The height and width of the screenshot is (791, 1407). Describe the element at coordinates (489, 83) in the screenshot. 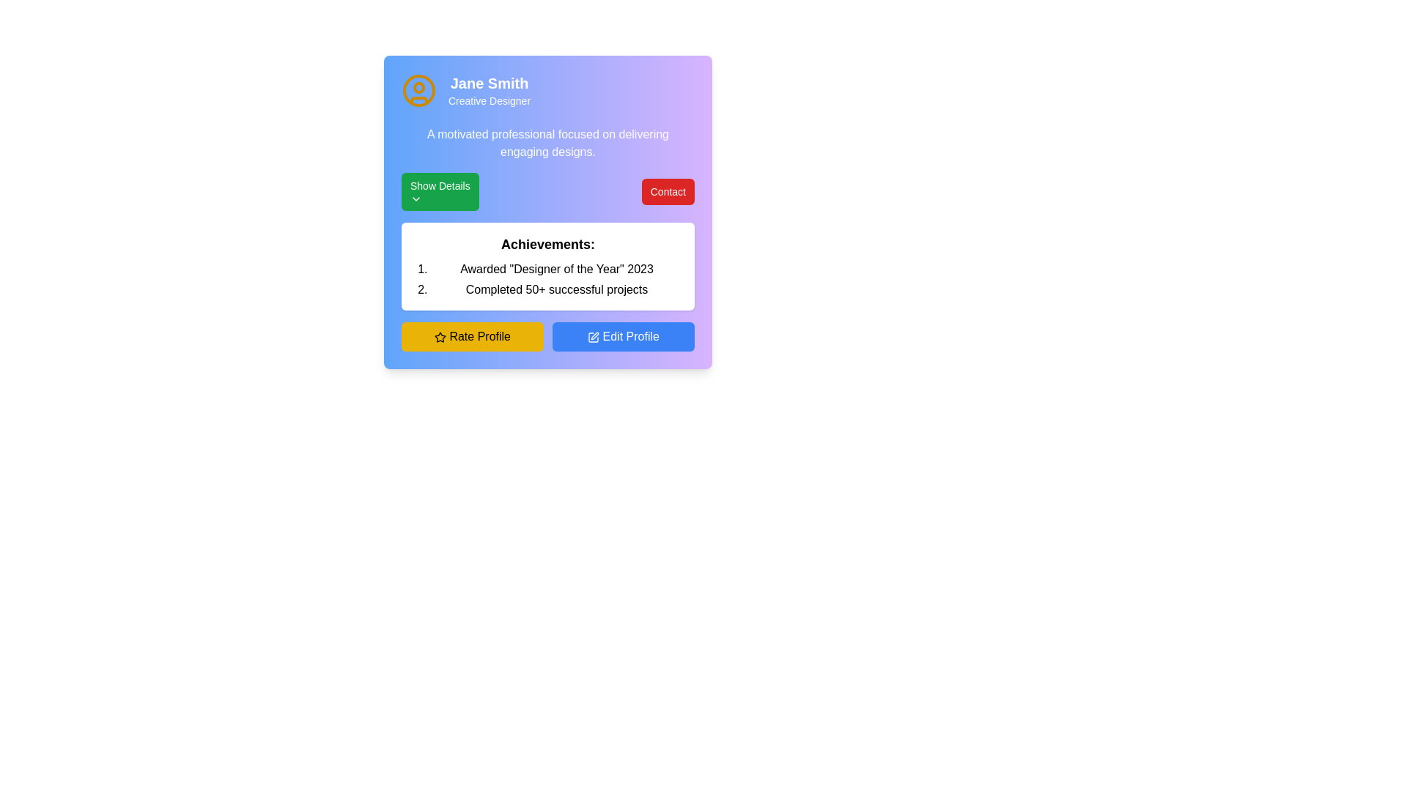

I see `the text label displaying 'Jane Smith' located in the header section of the profile card to read the text` at that location.